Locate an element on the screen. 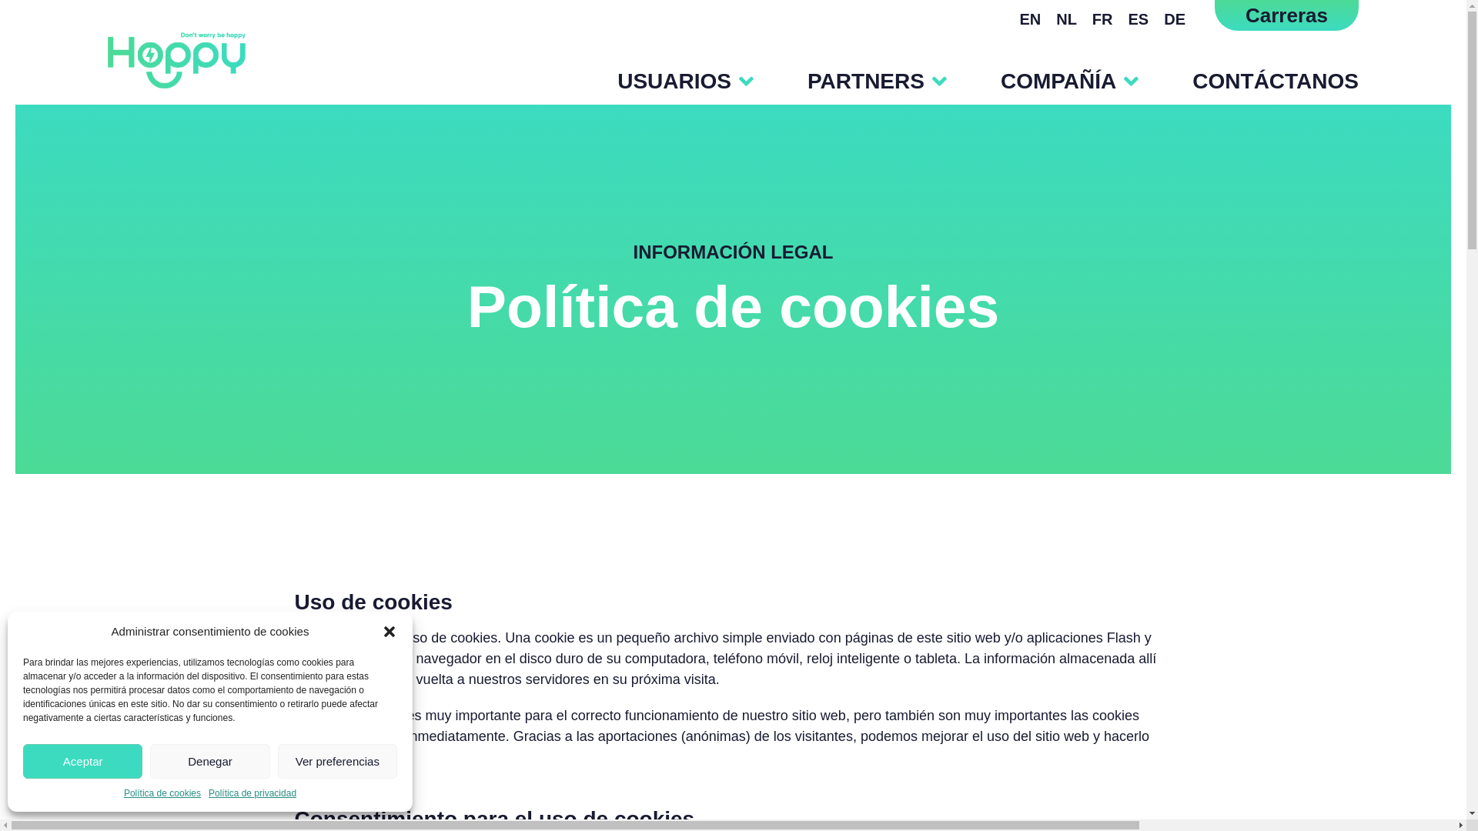 The image size is (1478, 831). 'ES' is located at coordinates (1139, 18).